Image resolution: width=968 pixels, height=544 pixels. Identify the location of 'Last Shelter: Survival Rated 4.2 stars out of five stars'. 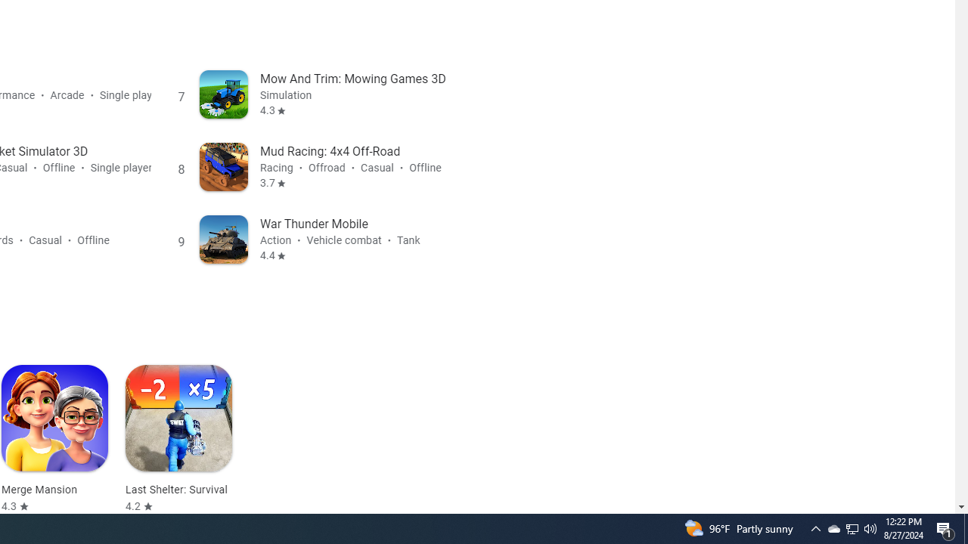
(178, 439).